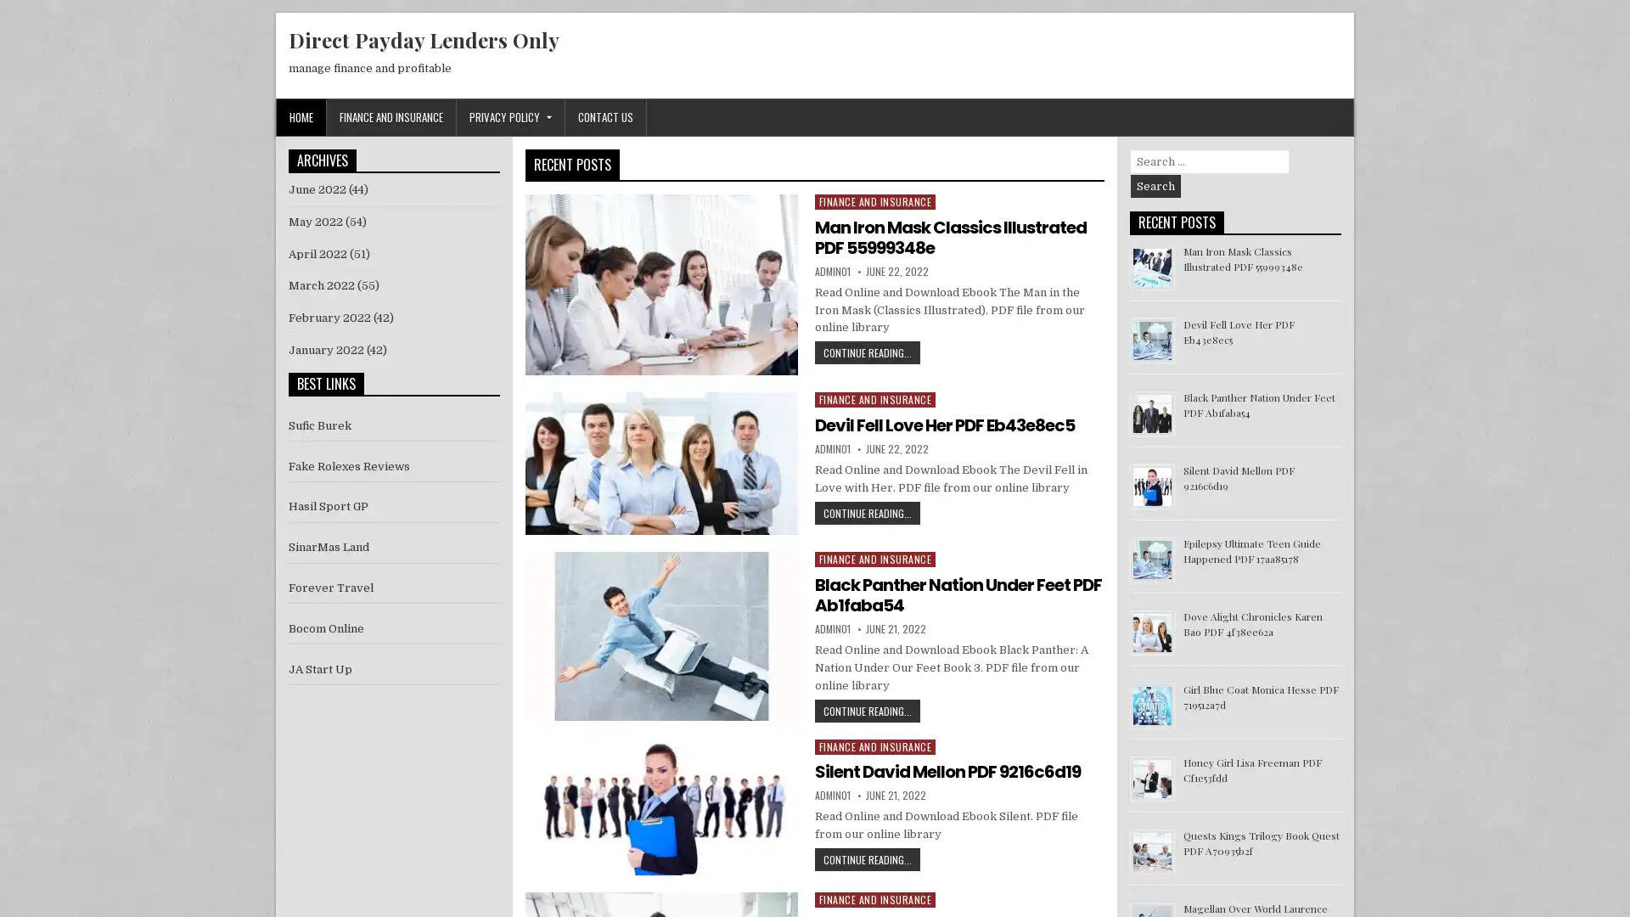 The width and height of the screenshot is (1630, 917). What do you see at coordinates (1155, 186) in the screenshot?
I see `Search` at bounding box center [1155, 186].